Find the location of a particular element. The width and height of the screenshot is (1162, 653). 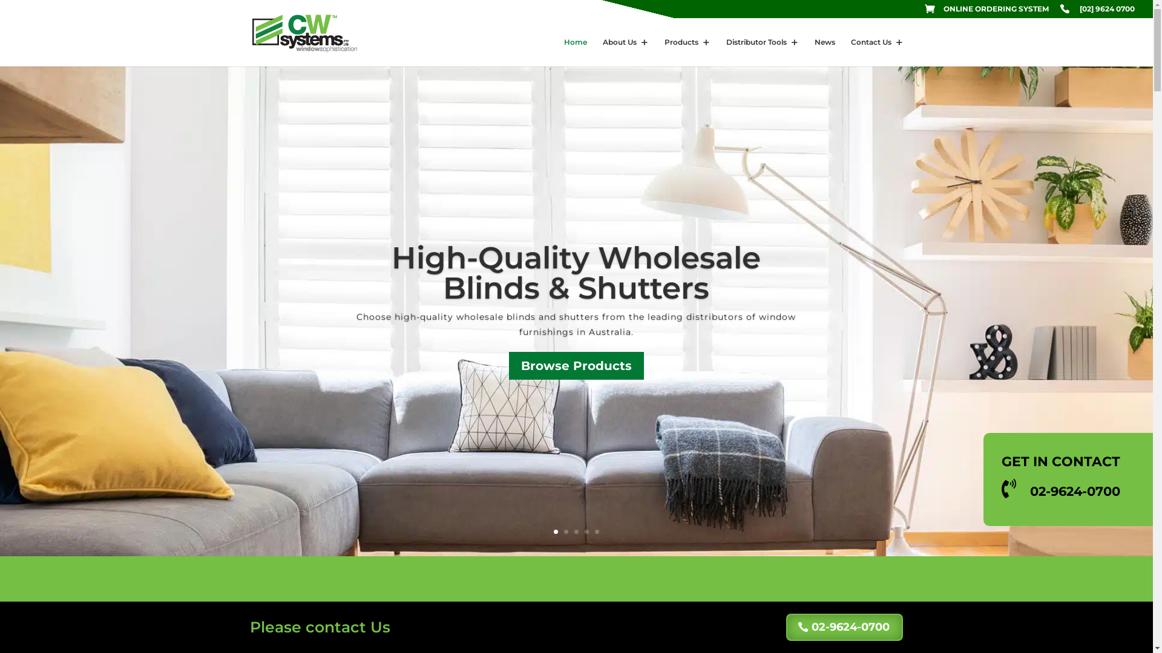

'4' is located at coordinates (586, 531).